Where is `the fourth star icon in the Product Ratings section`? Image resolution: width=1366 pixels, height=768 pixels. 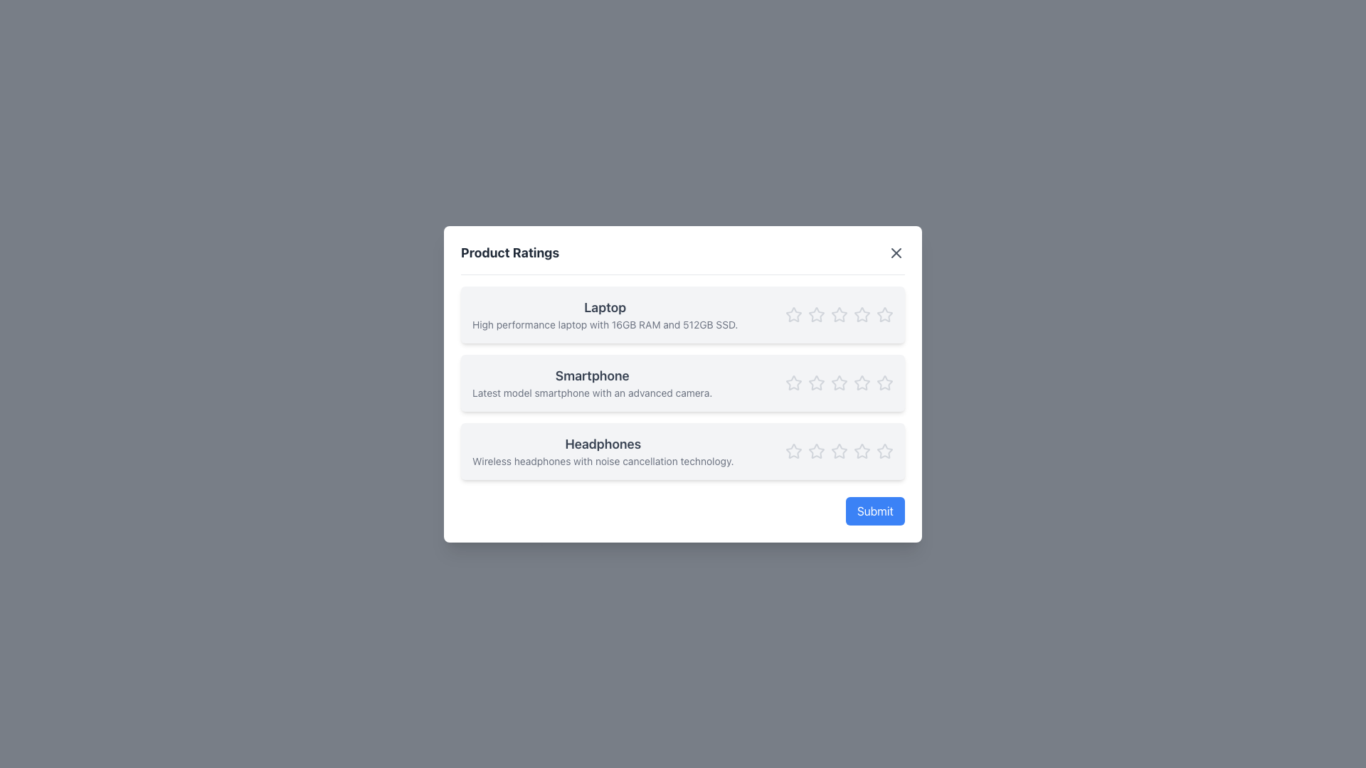 the fourth star icon in the Product Ratings section is located at coordinates (861, 382).